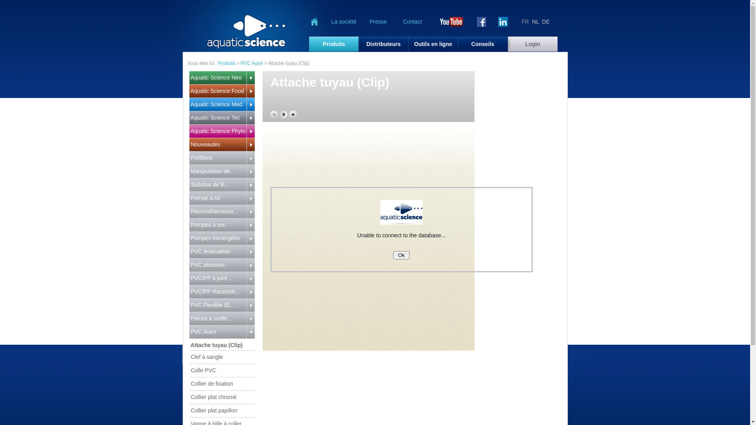  What do you see at coordinates (217, 91) in the screenshot?
I see `' Aquatic Science Food'` at bounding box center [217, 91].